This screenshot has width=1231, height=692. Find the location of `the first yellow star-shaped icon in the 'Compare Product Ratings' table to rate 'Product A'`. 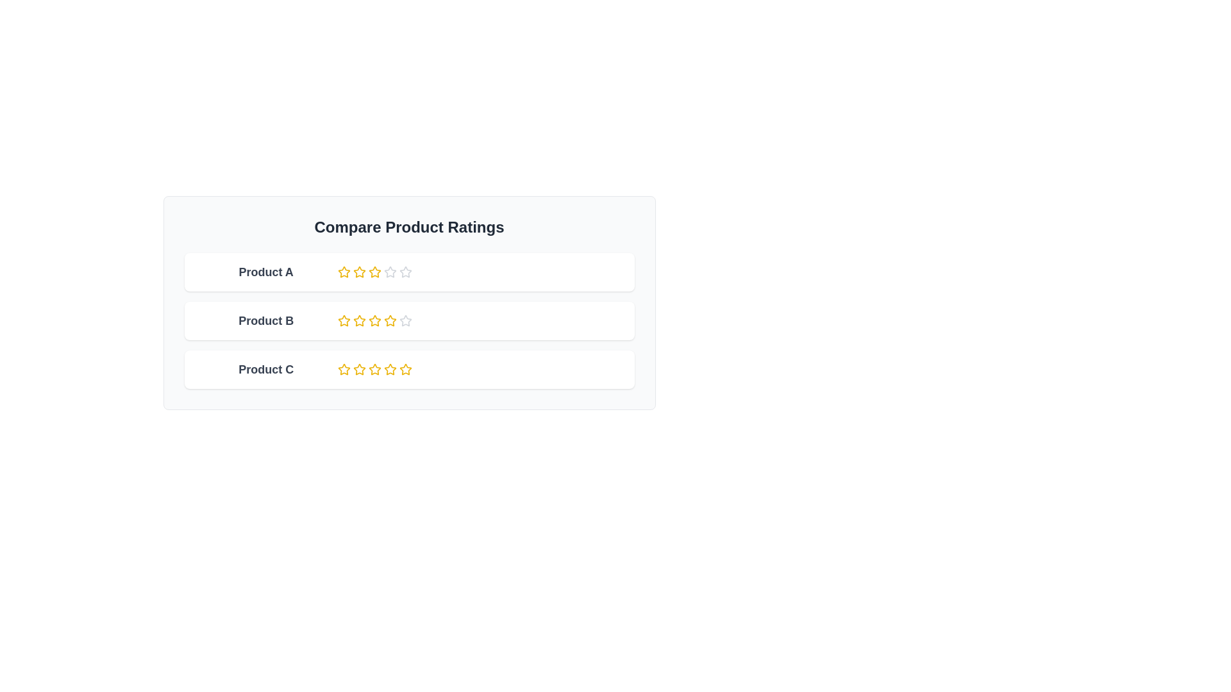

the first yellow star-shaped icon in the 'Compare Product Ratings' table to rate 'Product A' is located at coordinates (344, 271).